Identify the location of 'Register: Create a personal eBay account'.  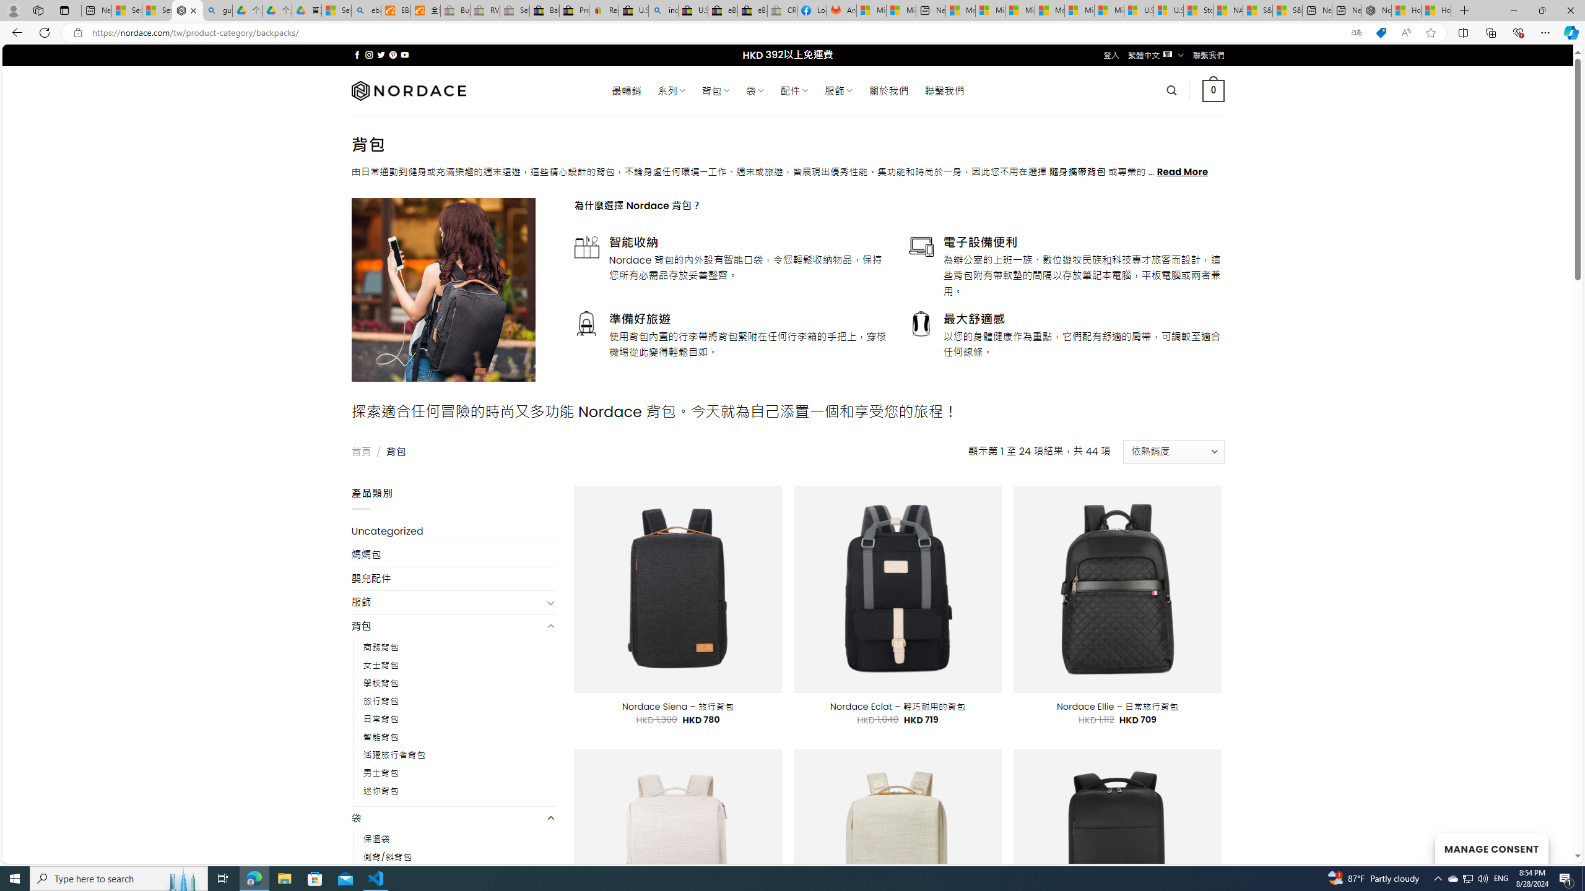
(603, 10).